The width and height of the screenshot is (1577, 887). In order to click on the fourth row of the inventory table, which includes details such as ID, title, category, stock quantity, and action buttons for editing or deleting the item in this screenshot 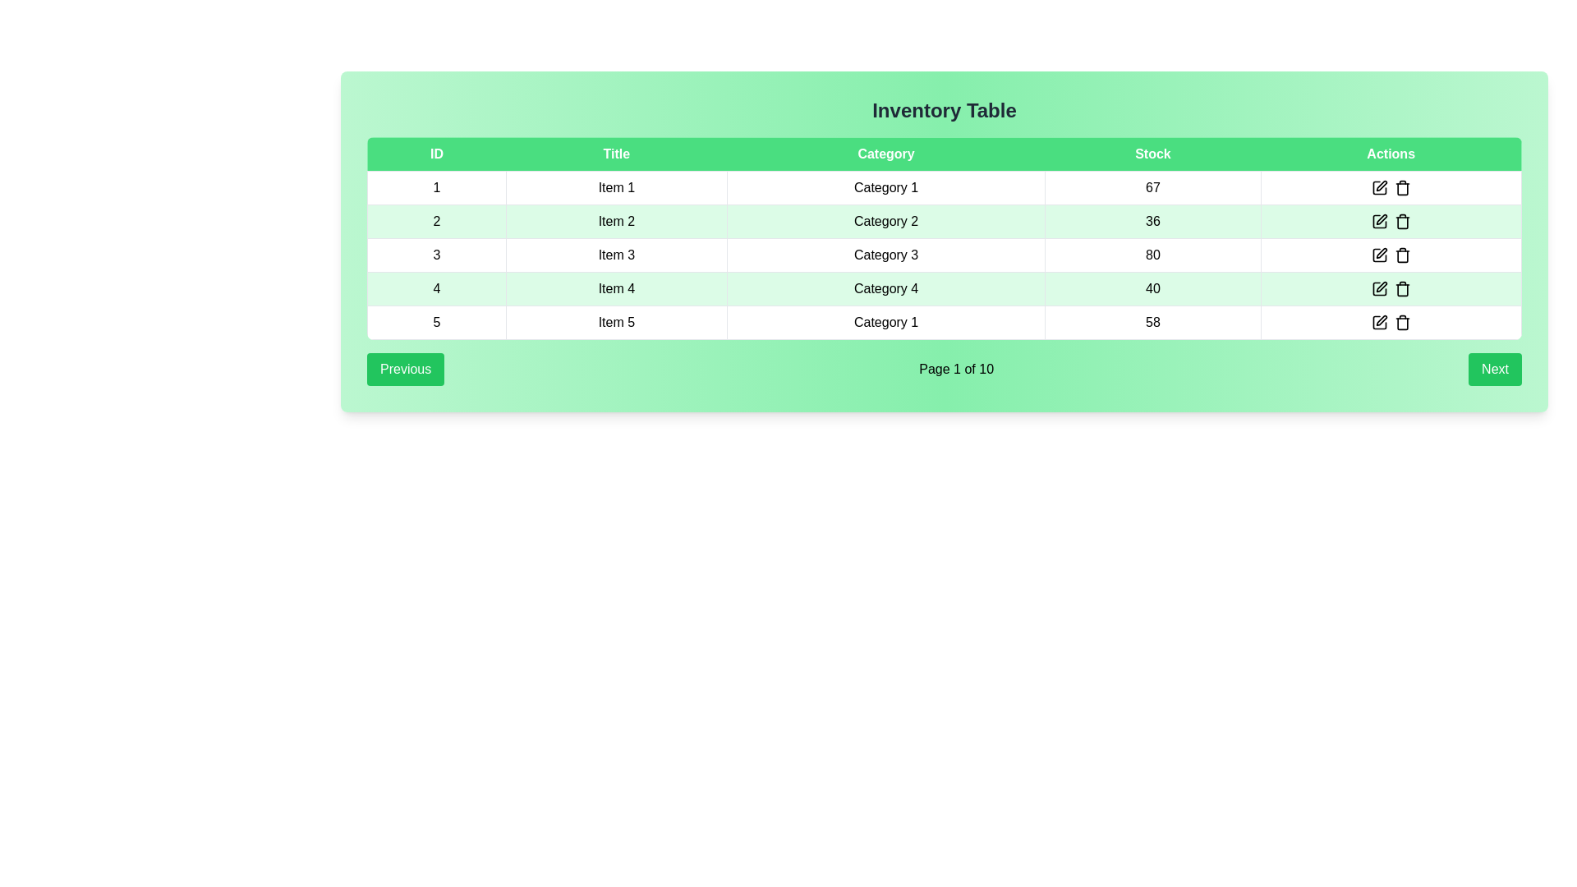, I will do `click(945, 287)`.